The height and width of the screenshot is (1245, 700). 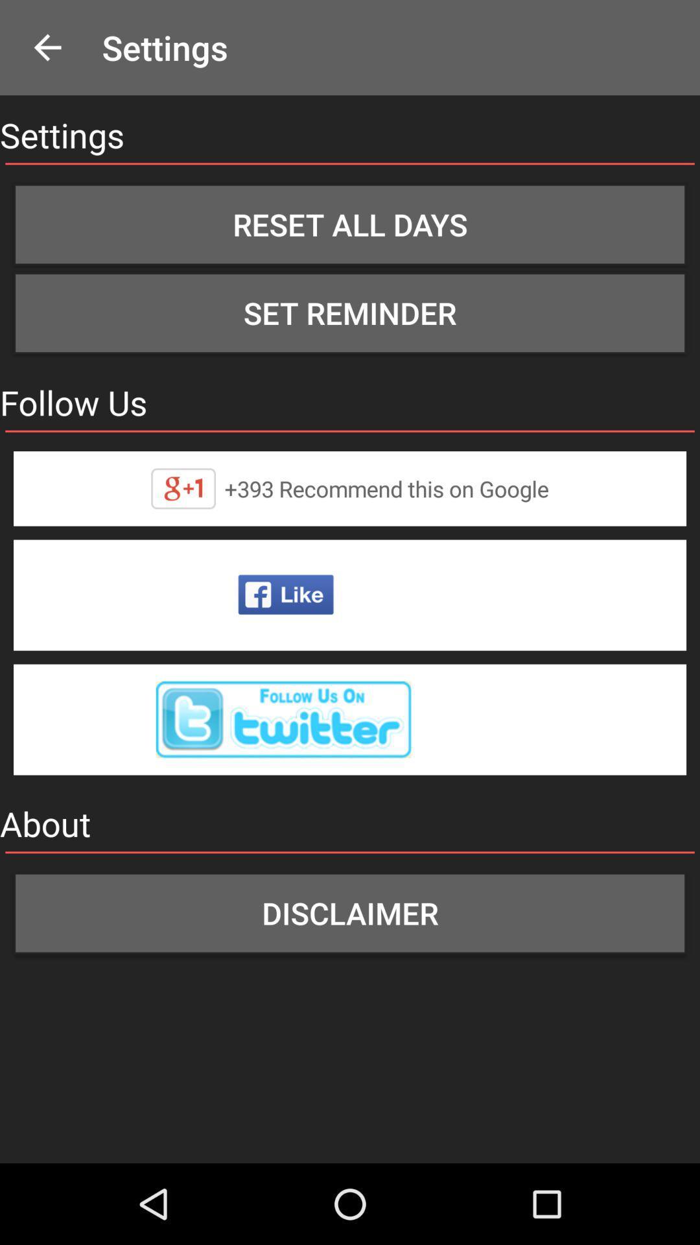 I want to click on set reminder icon, so click(x=350, y=313).